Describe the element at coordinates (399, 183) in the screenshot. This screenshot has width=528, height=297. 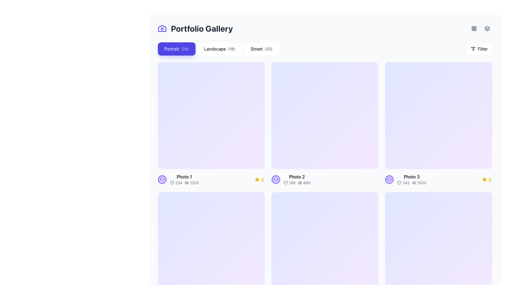
I see `the heart-shaped icon outlined with a stroke color` at that location.